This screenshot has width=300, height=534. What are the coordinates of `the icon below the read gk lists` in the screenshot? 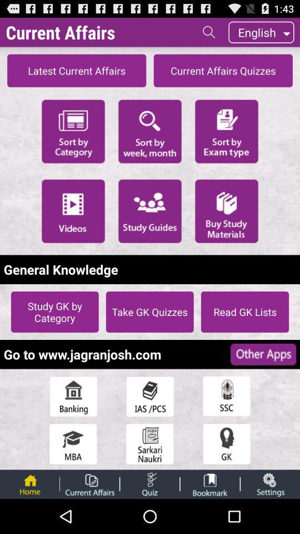 It's located at (263, 354).